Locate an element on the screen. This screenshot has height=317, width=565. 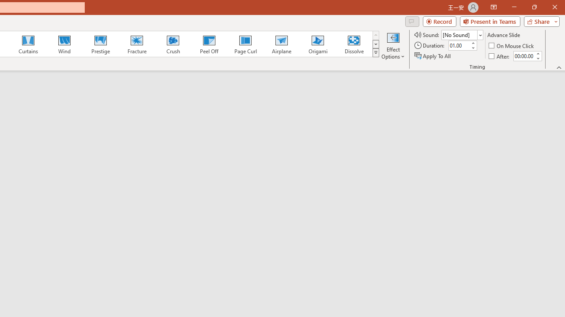
'Dissolve' is located at coordinates (354, 44).